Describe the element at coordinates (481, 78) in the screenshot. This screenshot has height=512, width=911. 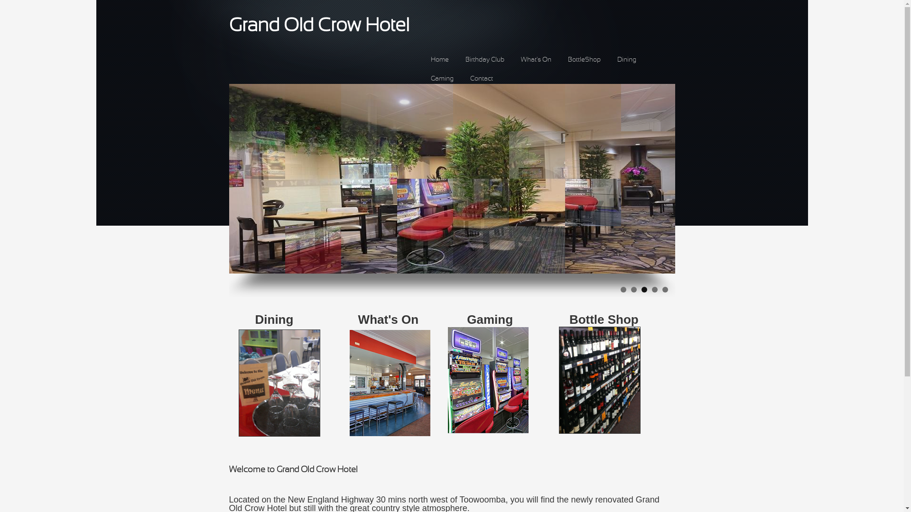
I see `'Contact'` at that location.